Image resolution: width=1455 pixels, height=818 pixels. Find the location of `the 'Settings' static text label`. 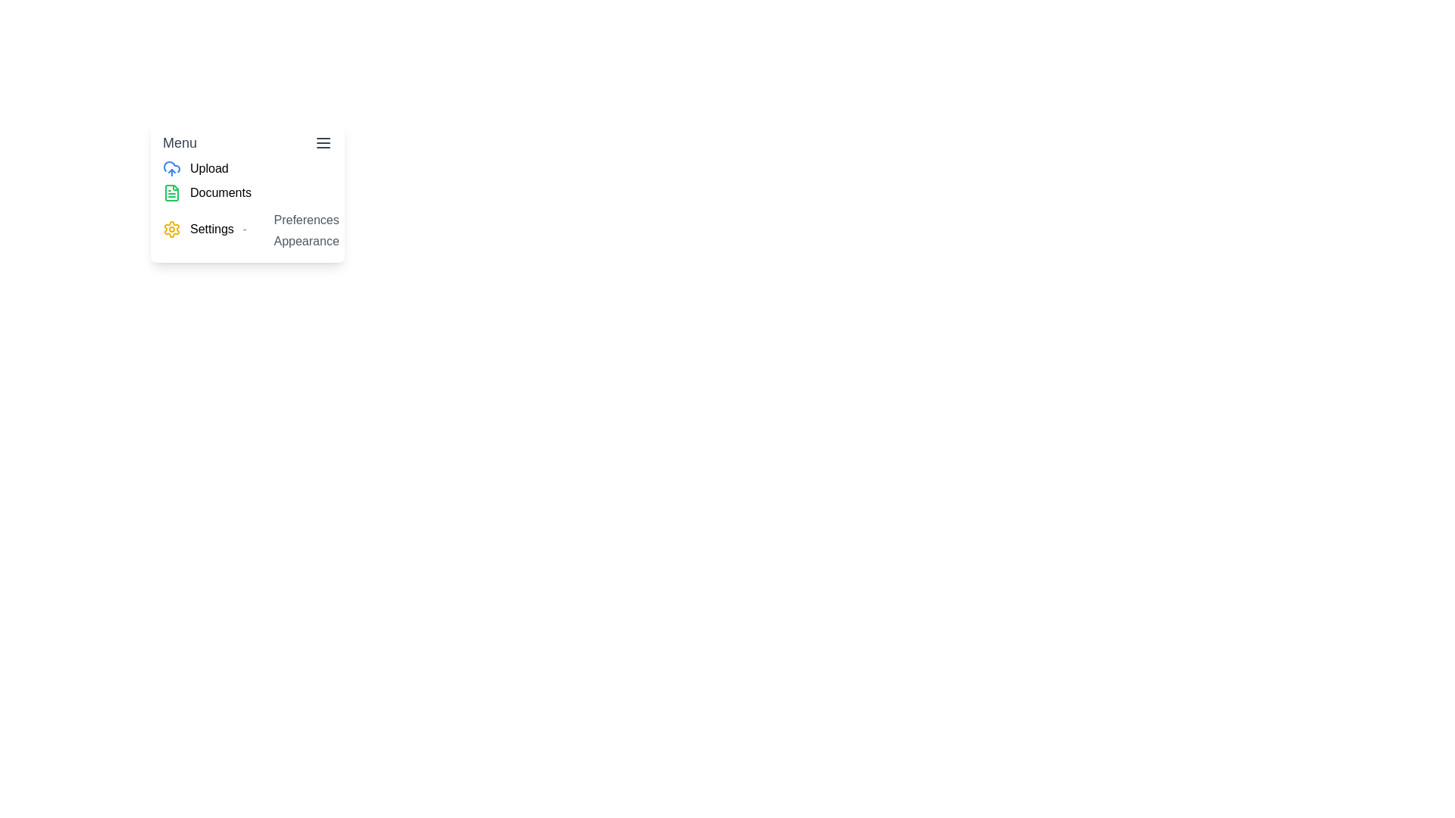

the 'Settings' static text label is located at coordinates (211, 229).